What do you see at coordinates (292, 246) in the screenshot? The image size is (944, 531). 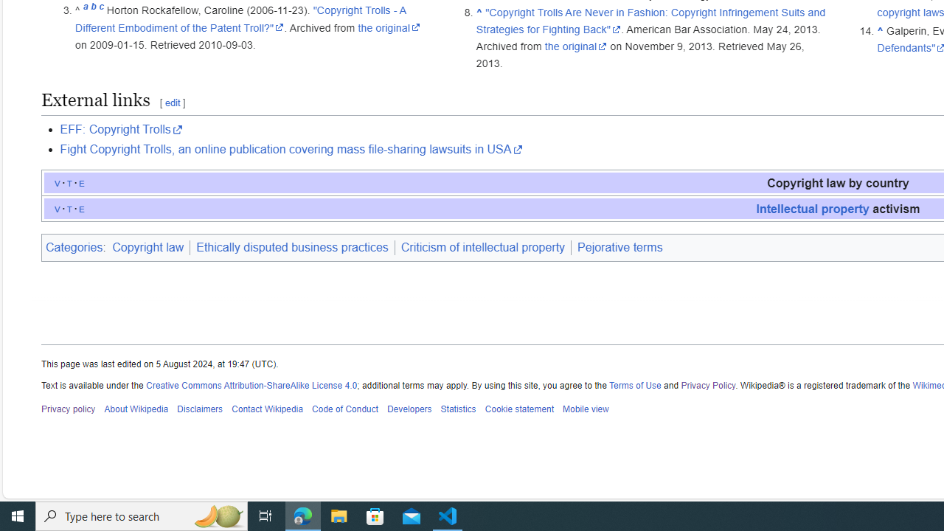 I see `'Ethically disputed business practices'` at bounding box center [292, 246].